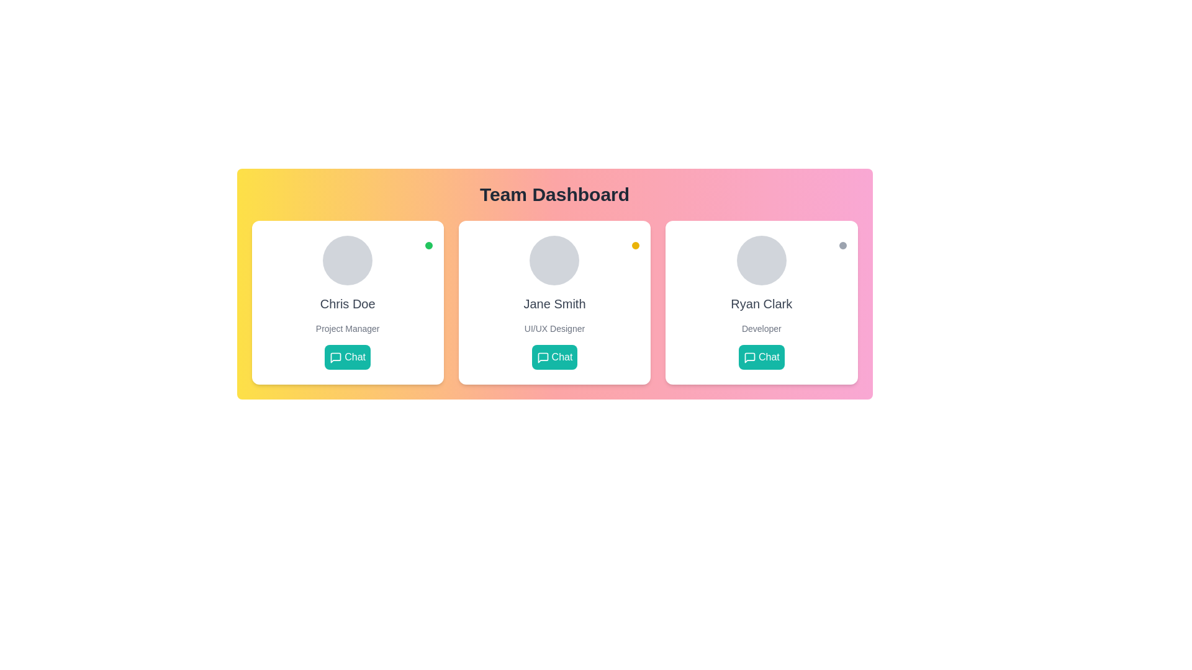 This screenshot has width=1192, height=670. Describe the element at coordinates (348, 328) in the screenshot. I see `the 'Project Manager' text label, which is styled in a small, gray font and located within the central profile card, positioned below the name 'Chris Doe' and above the teal 'Chat' button` at that location.